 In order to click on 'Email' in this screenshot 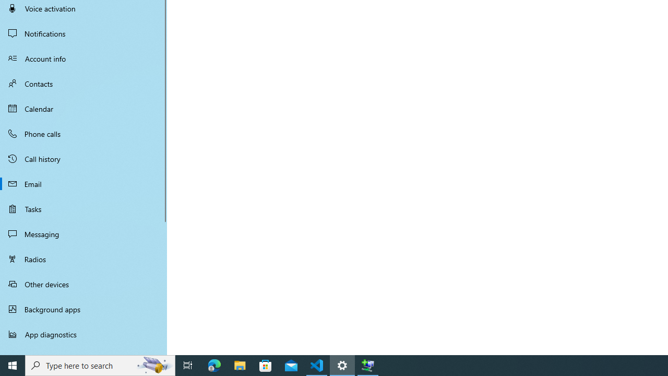, I will do `click(83, 183)`.